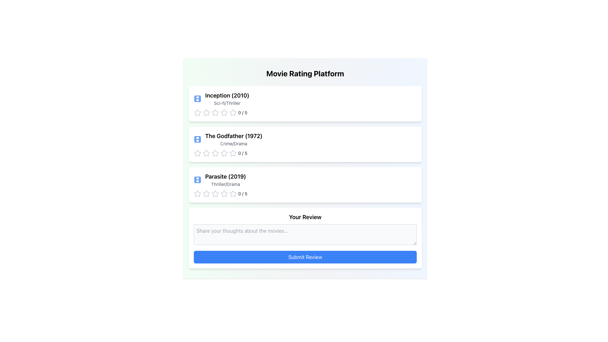 This screenshot has height=342, width=608. I want to click on the first star icon of the rating component for the movie 'Parasite (2019)', so click(197, 193).